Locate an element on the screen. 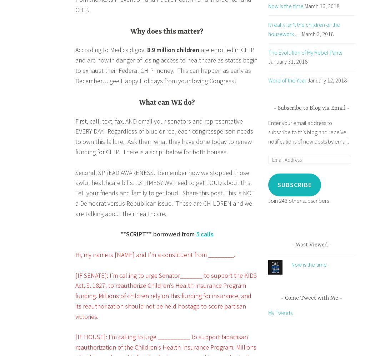 Image resolution: width=375 pixels, height=356 pixels. 'Word of the Year' is located at coordinates (286, 80).